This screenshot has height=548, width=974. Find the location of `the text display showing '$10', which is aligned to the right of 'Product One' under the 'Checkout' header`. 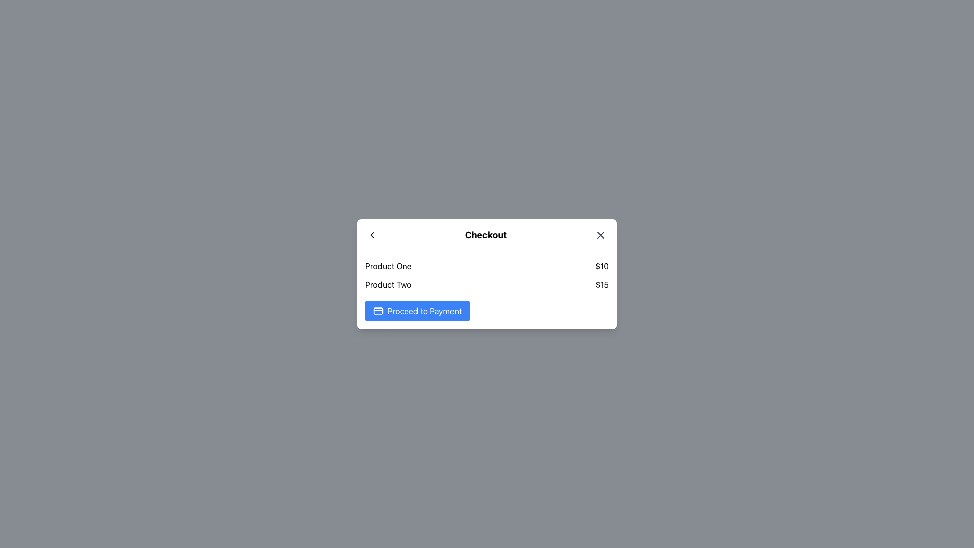

the text display showing '$10', which is aligned to the right of 'Product One' under the 'Checkout' header is located at coordinates (602, 265).